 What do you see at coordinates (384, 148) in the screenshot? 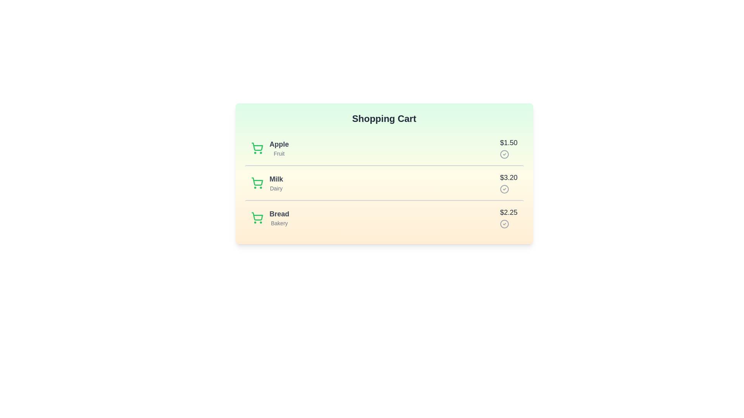
I see `the item Apple to trigger visual feedback` at bounding box center [384, 148].